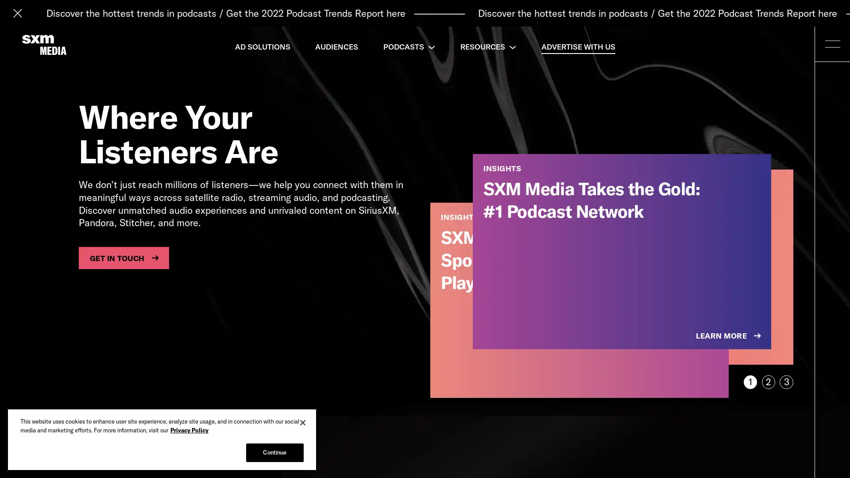 Image resolution: width=850 pixels, height=478 pixels. I want to click on 1, so click(750, 382).